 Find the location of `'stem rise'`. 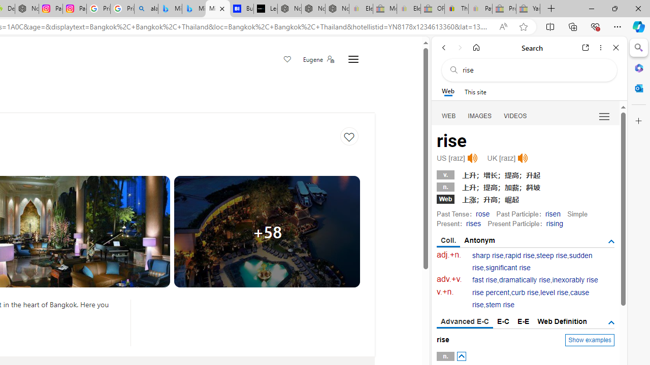

'stem rise' is located at coordinates (500, 304).